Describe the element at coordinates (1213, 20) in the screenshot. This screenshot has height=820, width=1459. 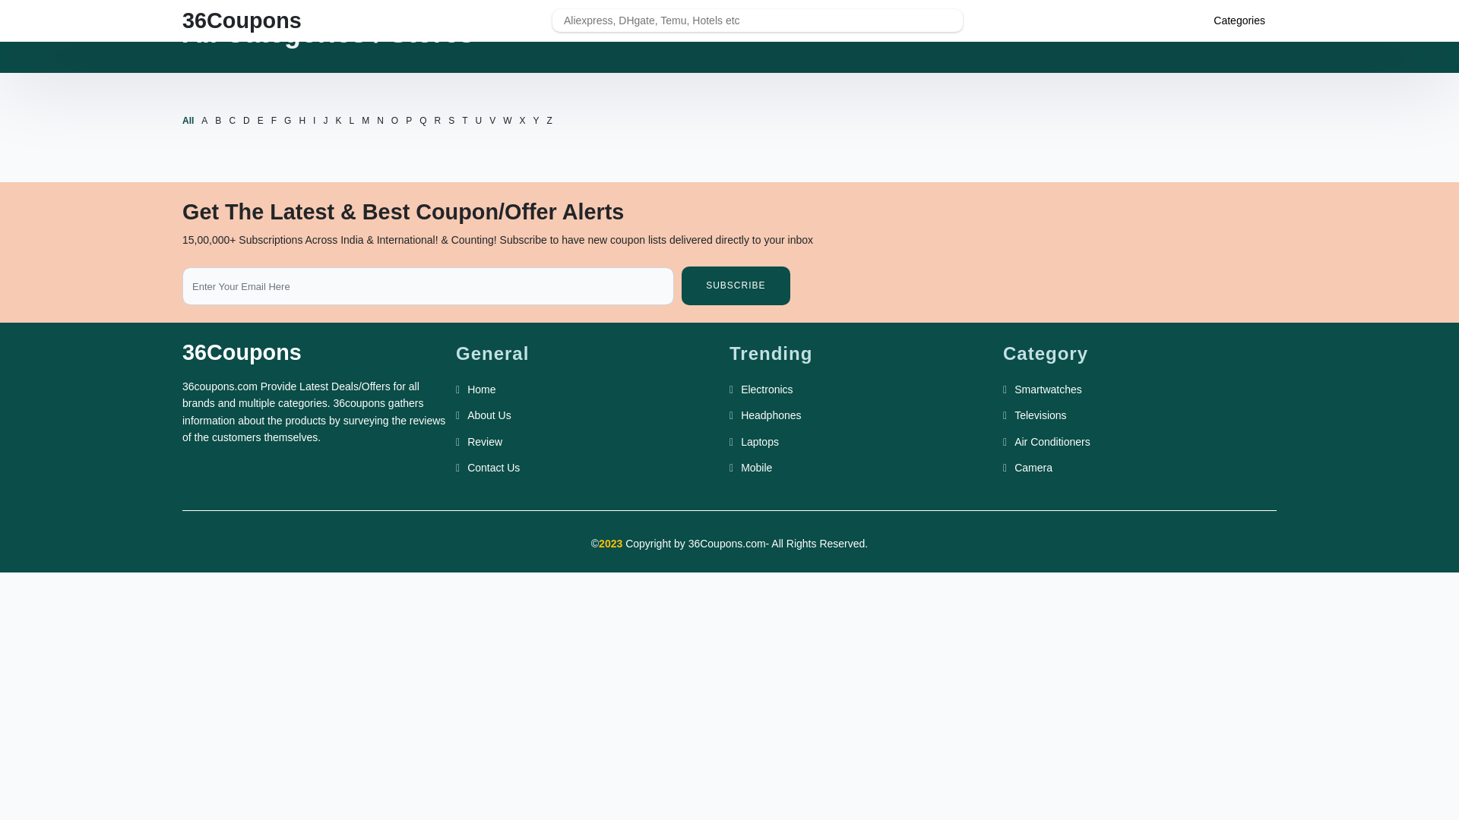
I see `'Categories'` at that location.